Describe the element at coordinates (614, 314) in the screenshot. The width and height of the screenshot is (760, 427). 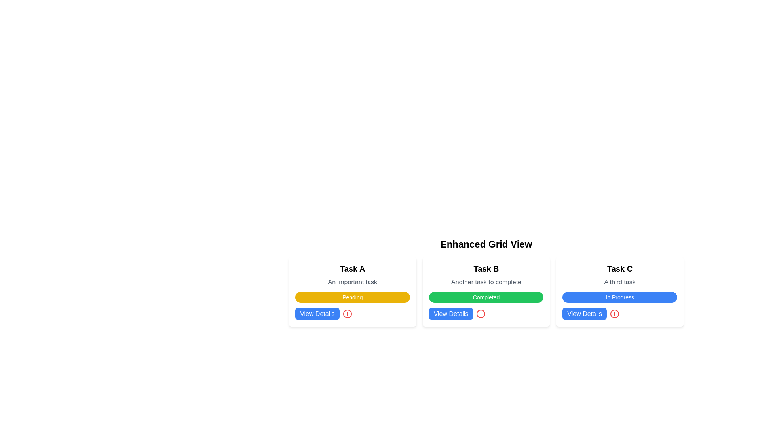
I see `the circular '+' icon with a red border located to the right of the 'View Details' button in the bottom-right corner of the 'Task C' card` at that location.